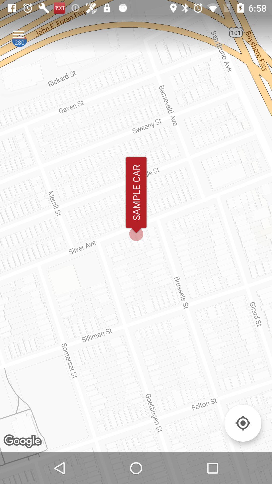 This screenshot has width=272, height=484. What do you see at coordinates (243, 423) in the screenshot?
I see `current location` at bounding box center [243, 423].